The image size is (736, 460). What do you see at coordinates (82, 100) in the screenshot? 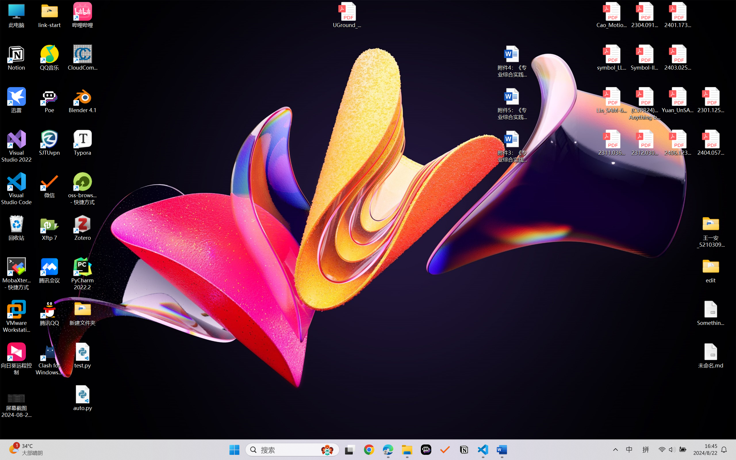
I see `'Blender 4.1'` at bounding box center [82, 100].